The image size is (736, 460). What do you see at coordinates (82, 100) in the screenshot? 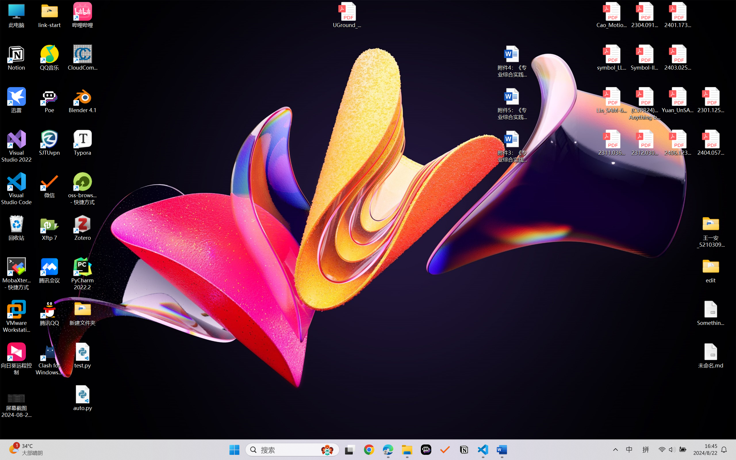
I see `'Blender 4.1'` at bounding box center [82, 100].